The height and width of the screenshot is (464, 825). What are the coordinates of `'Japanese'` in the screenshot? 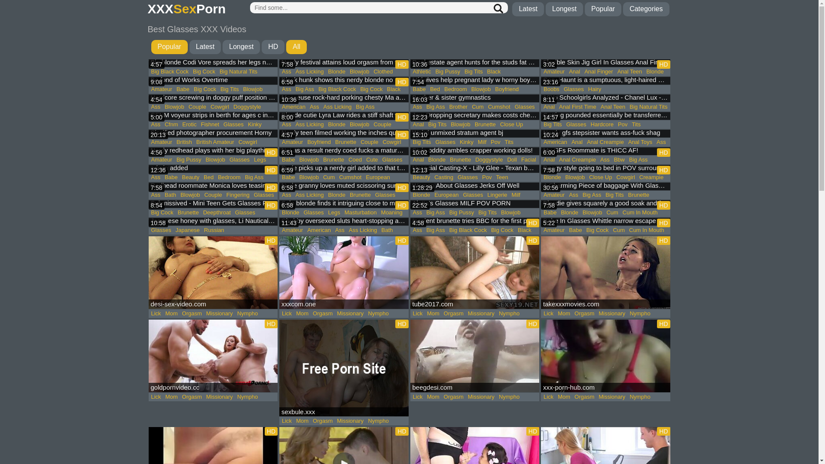 It's located at (187, 230).